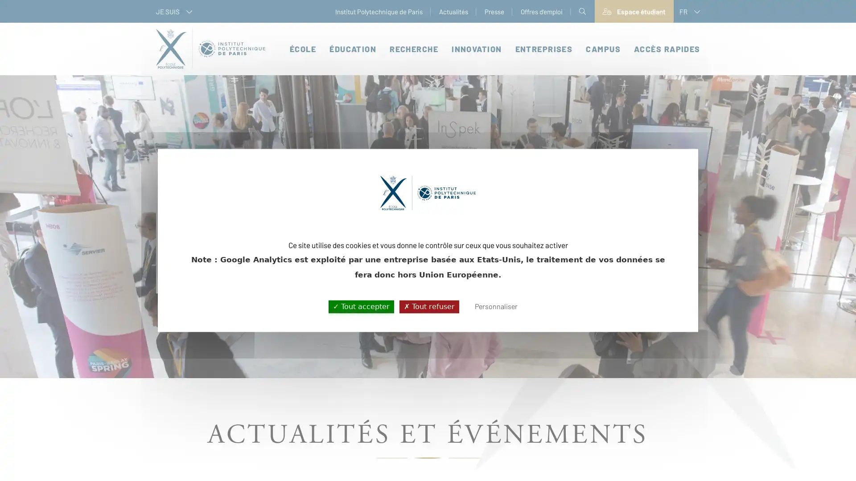 This screenshot has width=856, height=481. What do you see at coordinates (428, 306) in the screenshot?
I see `Tout refuser` at bounding box center [428, 306].